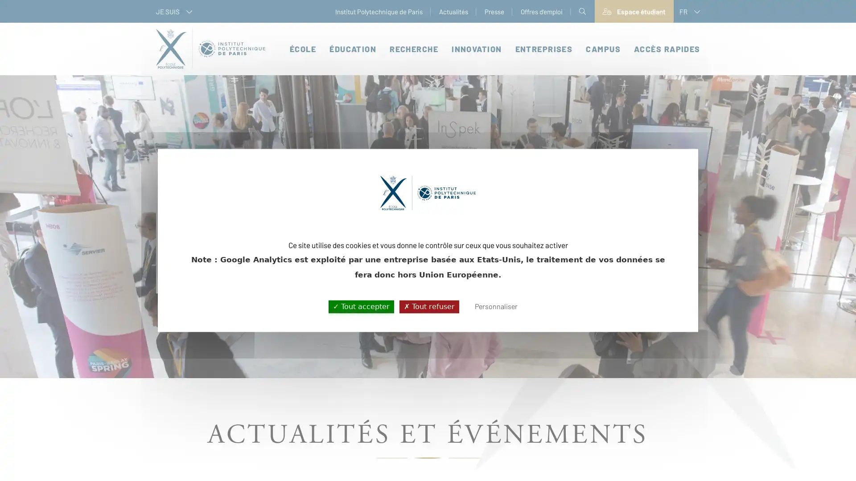 This screenshot has width=856, height=481. What do you see at coordinates (428, 306) in the screenshot?
I see `Tout refuser` at bounding box center [428, 306].